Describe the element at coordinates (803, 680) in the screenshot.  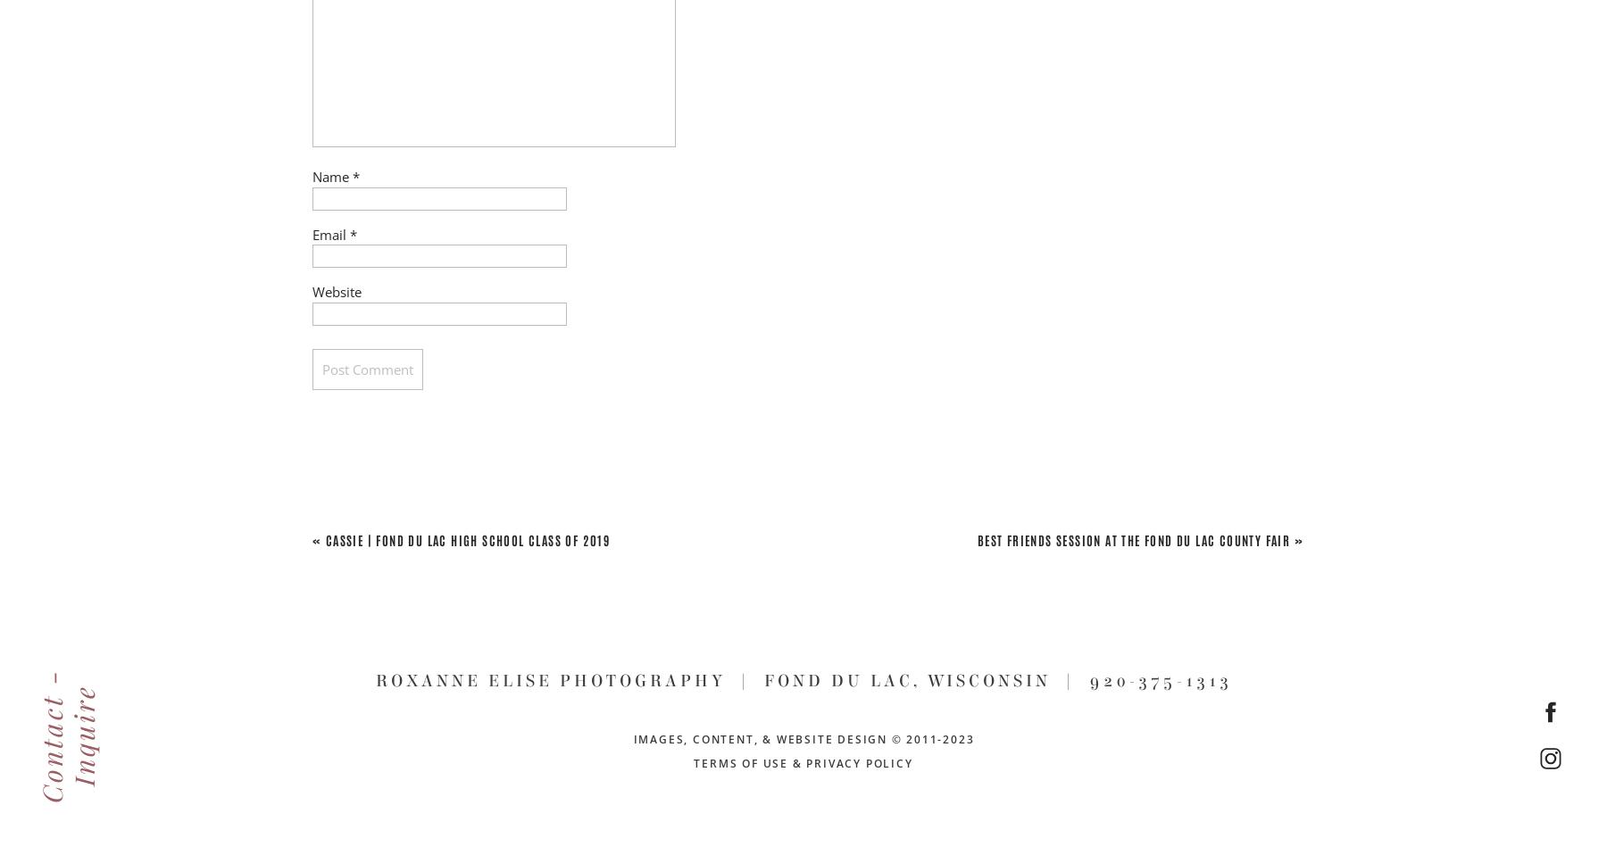
I see `'Roxanne Elise Photography  |  Fond du Lac, Wisconsin  |  920-375-1313'` at that location.